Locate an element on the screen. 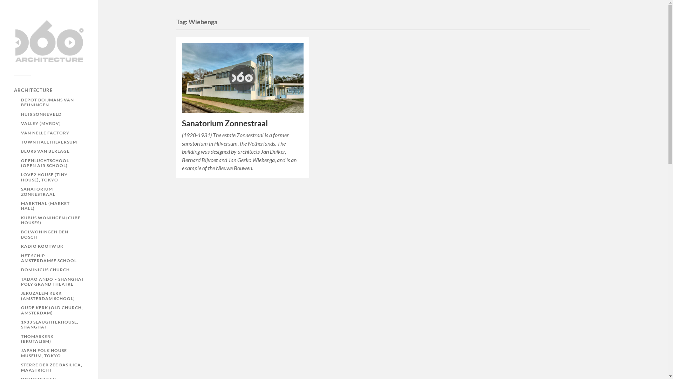  'OUDE KERK (OLD CHURCH, AMSTERDAM)' is located at coordinates (52, 310).